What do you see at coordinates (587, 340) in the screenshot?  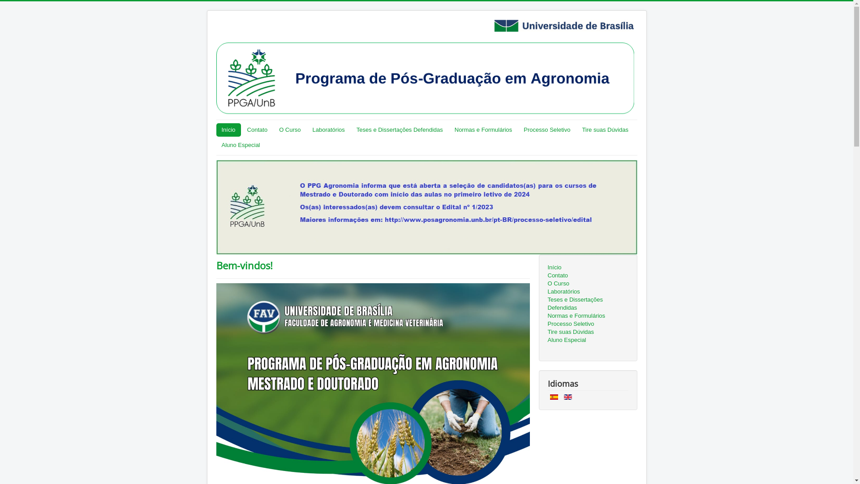 I see `'Aluno Especial'` at bounding box center [587, 340].